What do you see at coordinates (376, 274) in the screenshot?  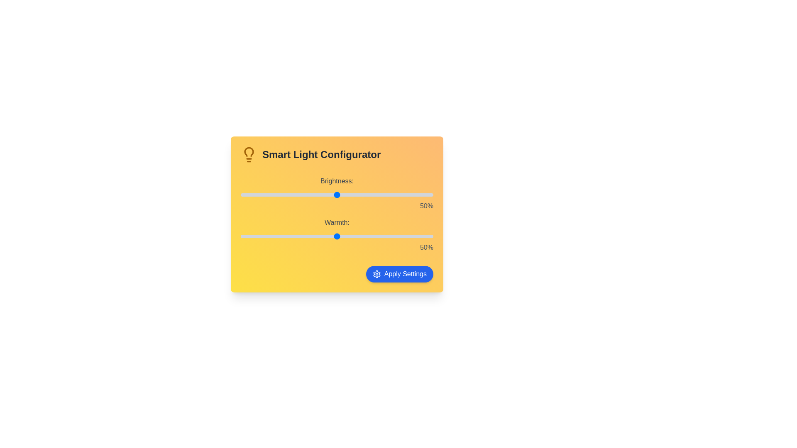 I see `the settings adjustment icon located to the left of the 'Apply Settings' button, which is centered vertically within the button's height` at bounding box center [376, 274].